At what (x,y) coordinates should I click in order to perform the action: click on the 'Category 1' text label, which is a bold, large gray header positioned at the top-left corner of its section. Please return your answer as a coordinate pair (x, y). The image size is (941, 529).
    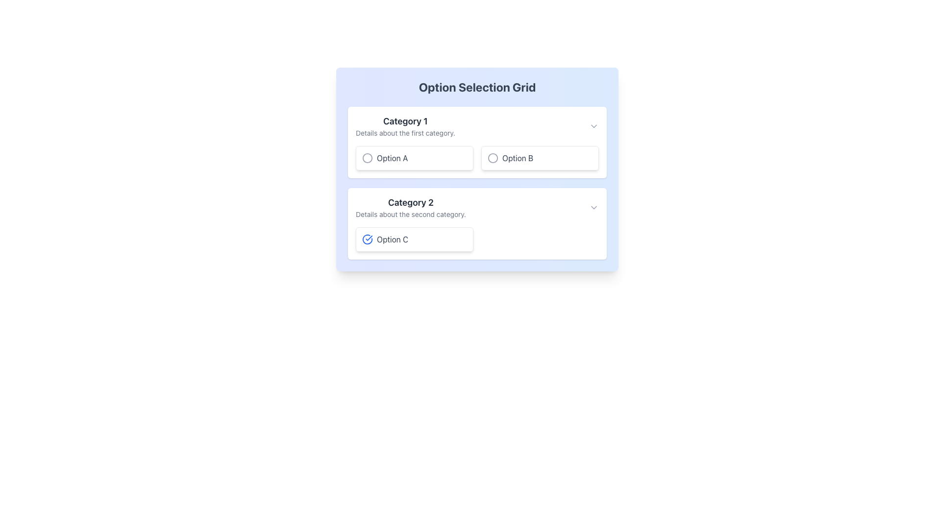
    Looking at the image, I should click on (405, 120).